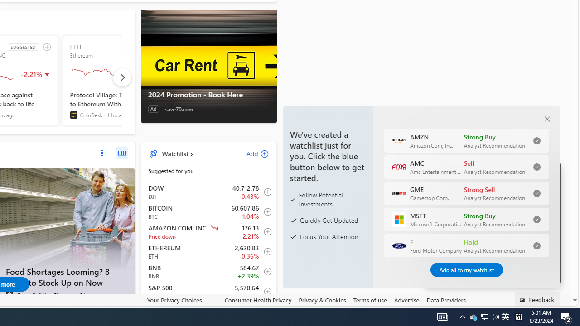  I want to click on 'Your Privacy Choices', so click(181, 300).